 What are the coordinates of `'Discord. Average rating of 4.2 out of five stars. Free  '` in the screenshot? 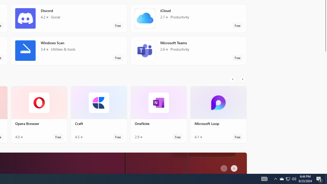 It's located at (69, 20).